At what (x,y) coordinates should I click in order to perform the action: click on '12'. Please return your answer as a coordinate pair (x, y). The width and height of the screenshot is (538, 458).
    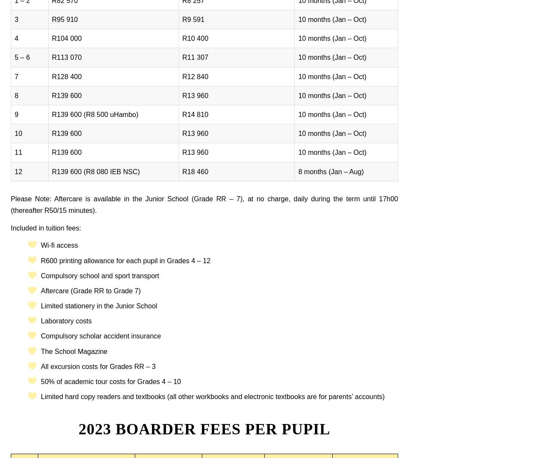
    Looking at the image, I should click on (18, 171).